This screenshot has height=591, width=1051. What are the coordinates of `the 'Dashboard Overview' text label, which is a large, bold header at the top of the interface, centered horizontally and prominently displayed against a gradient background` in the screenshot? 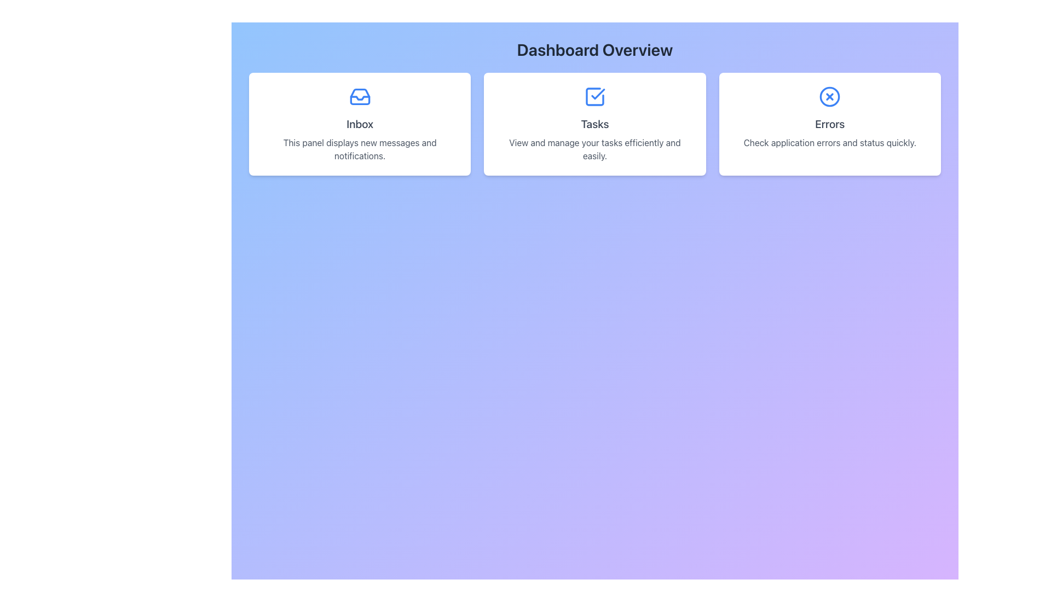 It's located at (594, 50).